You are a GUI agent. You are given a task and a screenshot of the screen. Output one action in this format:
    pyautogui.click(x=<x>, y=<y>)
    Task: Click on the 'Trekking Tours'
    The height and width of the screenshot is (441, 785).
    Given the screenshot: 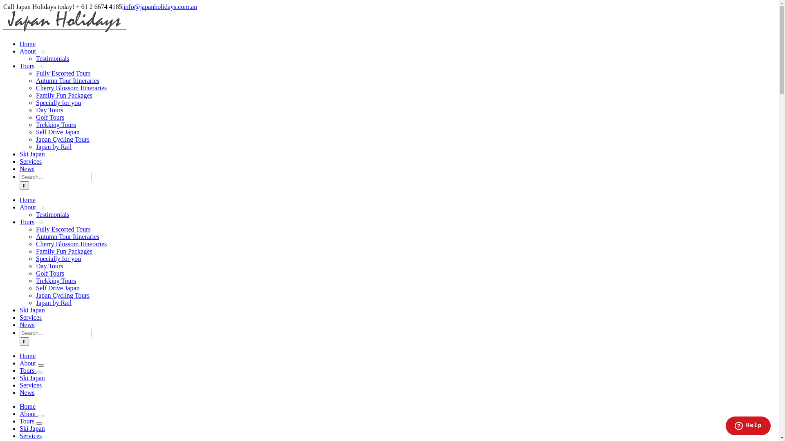 What is the action you would take?
    pyautogui.click(x=56, y=125)
    